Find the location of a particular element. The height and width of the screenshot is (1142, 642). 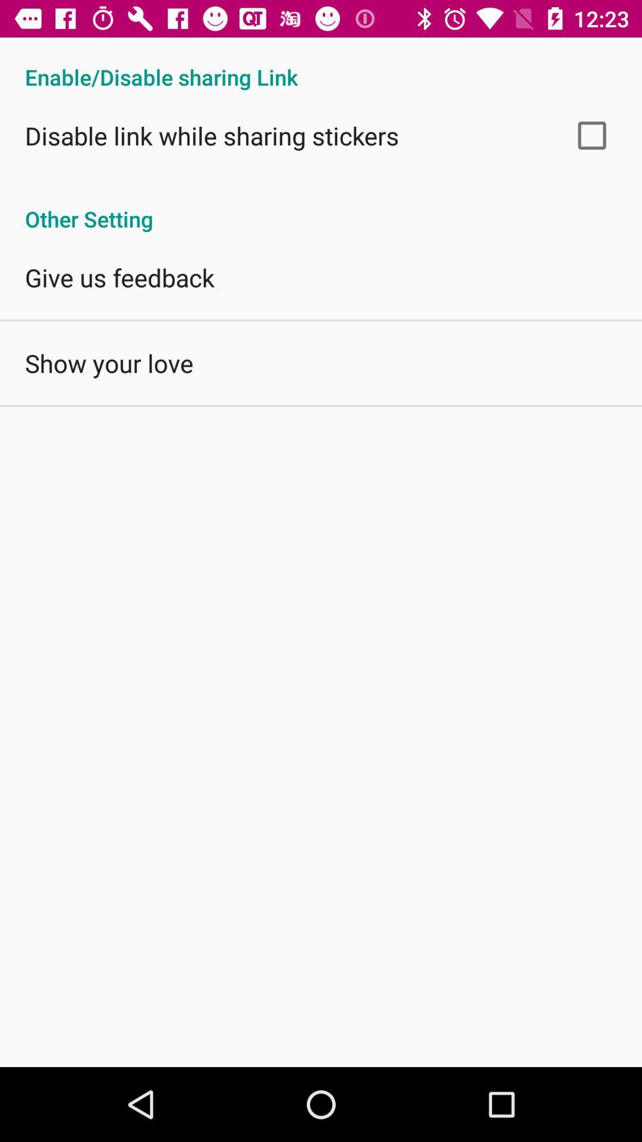

icon at the top right corner is located at coordinates (591, 135).